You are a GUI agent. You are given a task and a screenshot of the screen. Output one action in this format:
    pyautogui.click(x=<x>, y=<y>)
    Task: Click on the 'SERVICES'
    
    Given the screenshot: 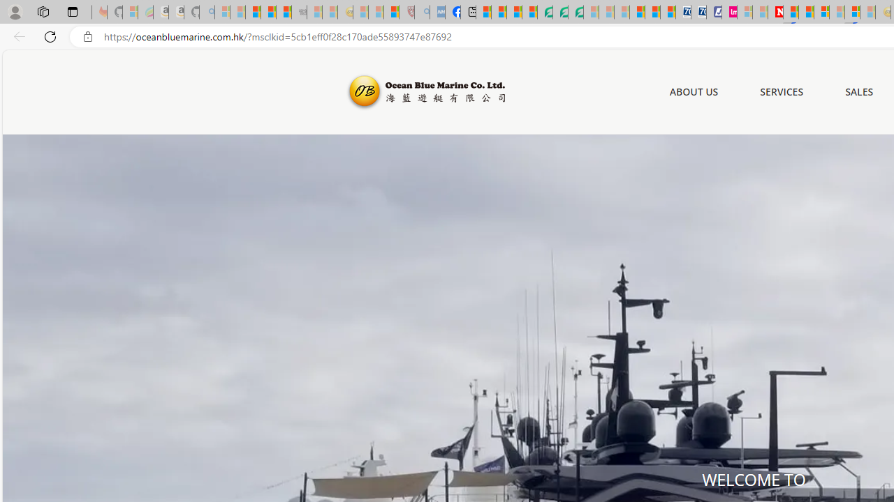 What is the action you would take?
    pyautogui.click(x=782, y=91)
    